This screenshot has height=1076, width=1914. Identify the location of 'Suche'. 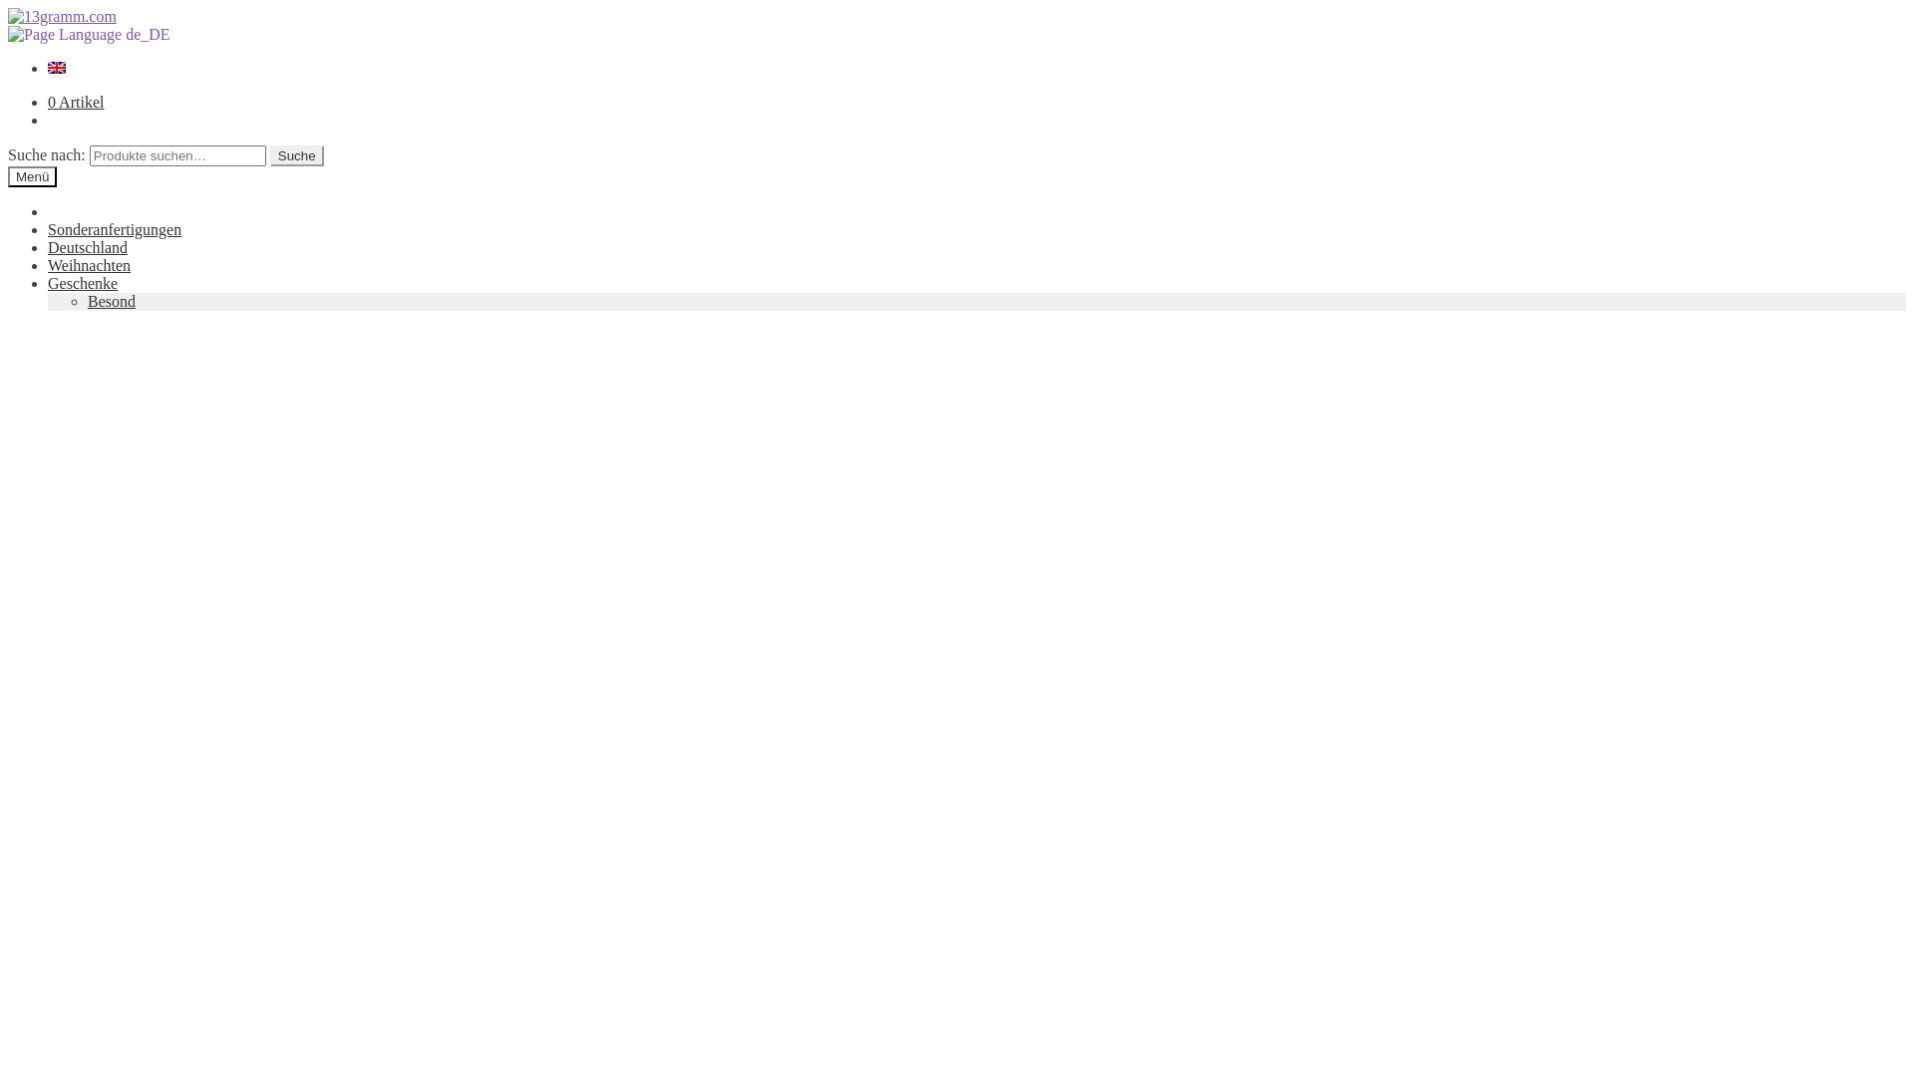
(295, 154).